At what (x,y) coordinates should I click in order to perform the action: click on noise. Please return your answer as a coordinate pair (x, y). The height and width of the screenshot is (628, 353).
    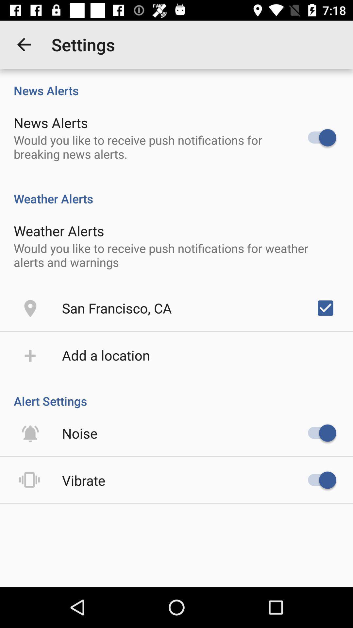
    Looking at the image, I should click on (79, 433).